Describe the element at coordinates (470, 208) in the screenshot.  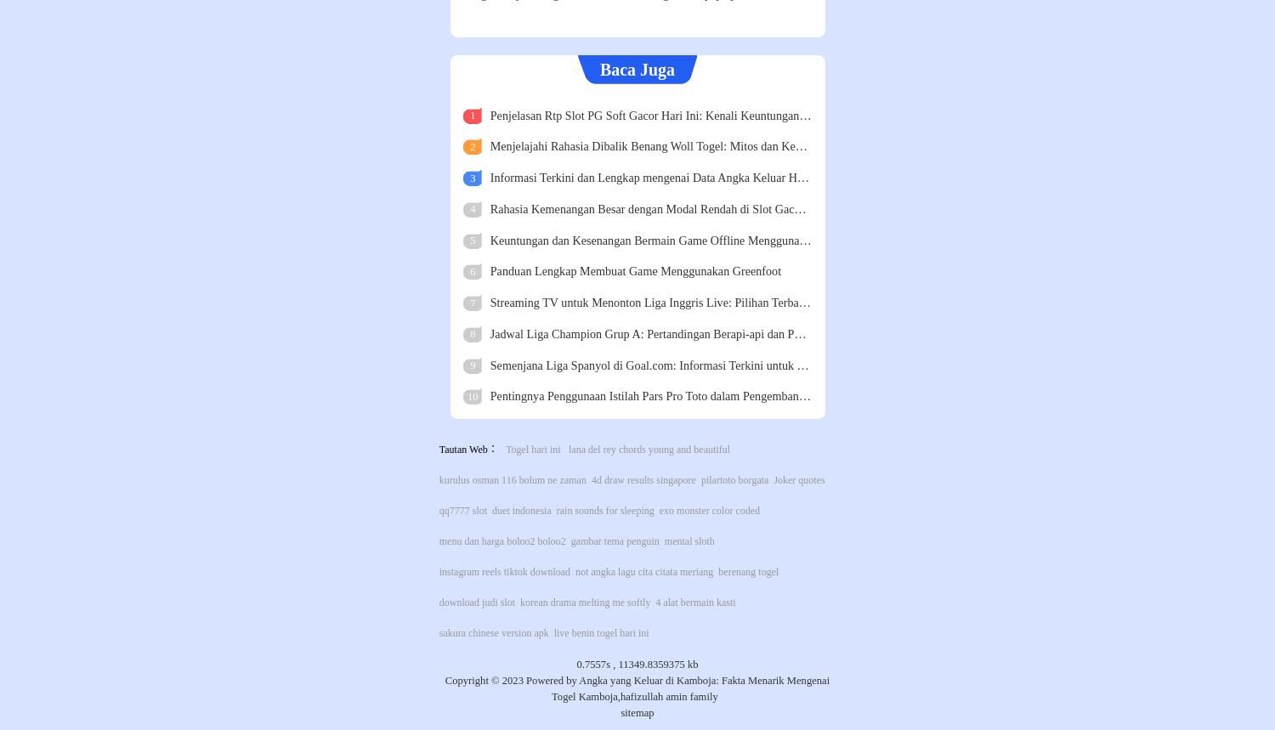
I see `'4'` at that location.